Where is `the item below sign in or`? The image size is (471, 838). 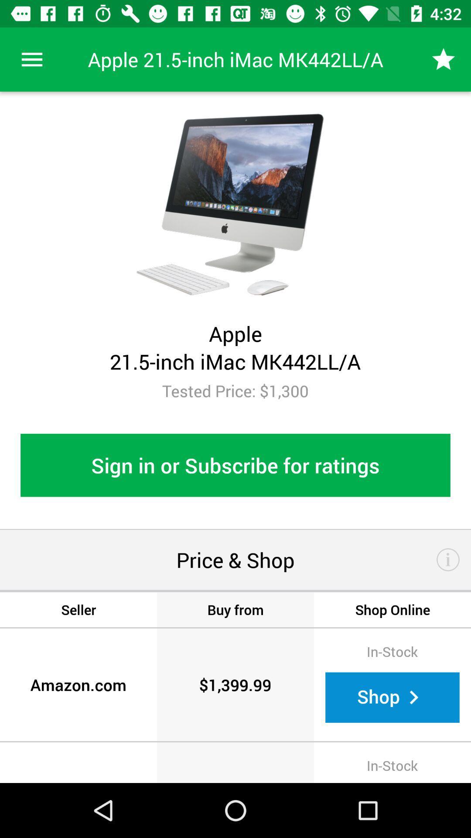 the item below sign in or is located at coordinates (448, 560).